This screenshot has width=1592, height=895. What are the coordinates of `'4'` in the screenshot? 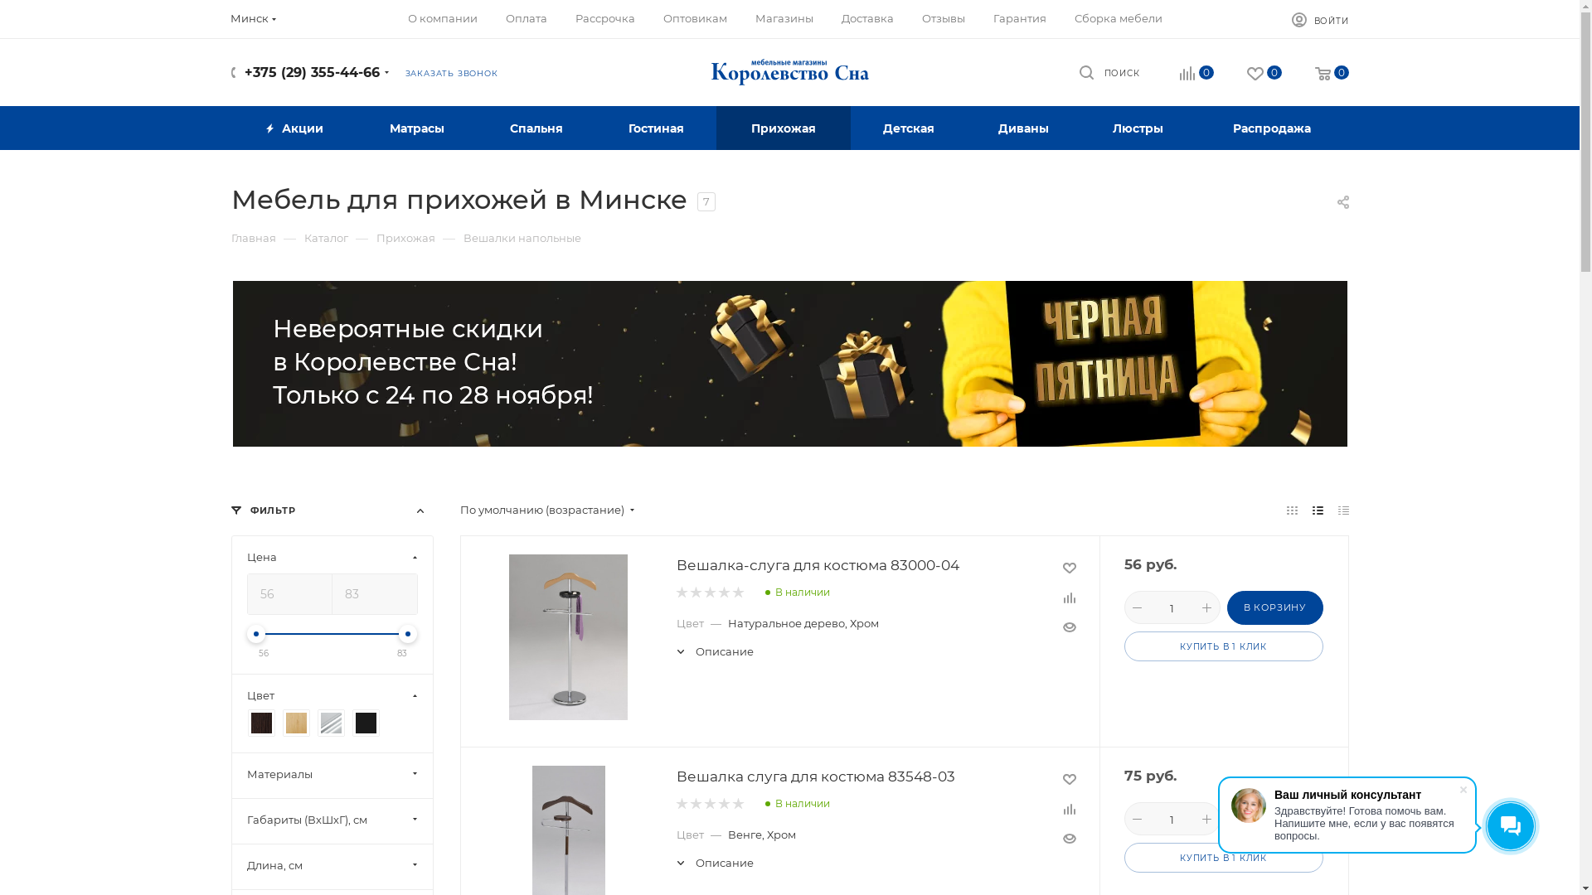 It's located at (723, 803).